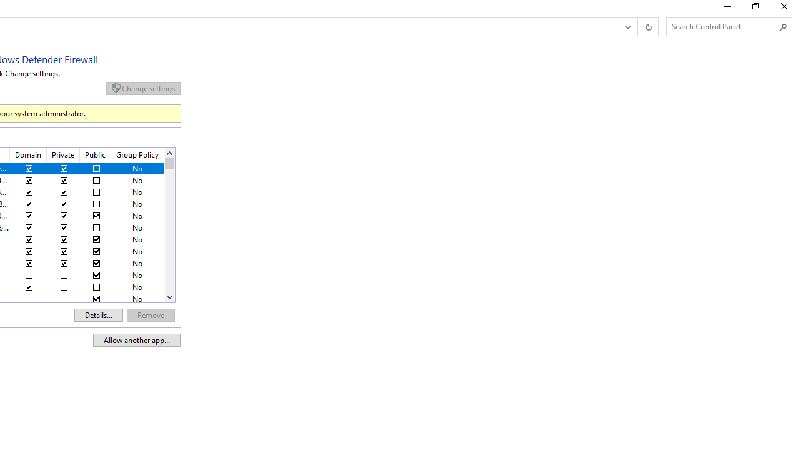 The width and height of the screenshot is (800, 450). What do you see at coordinates (726, 9) in the screenshot?
I see `'Minimize'` at bounding box center [726, 9].